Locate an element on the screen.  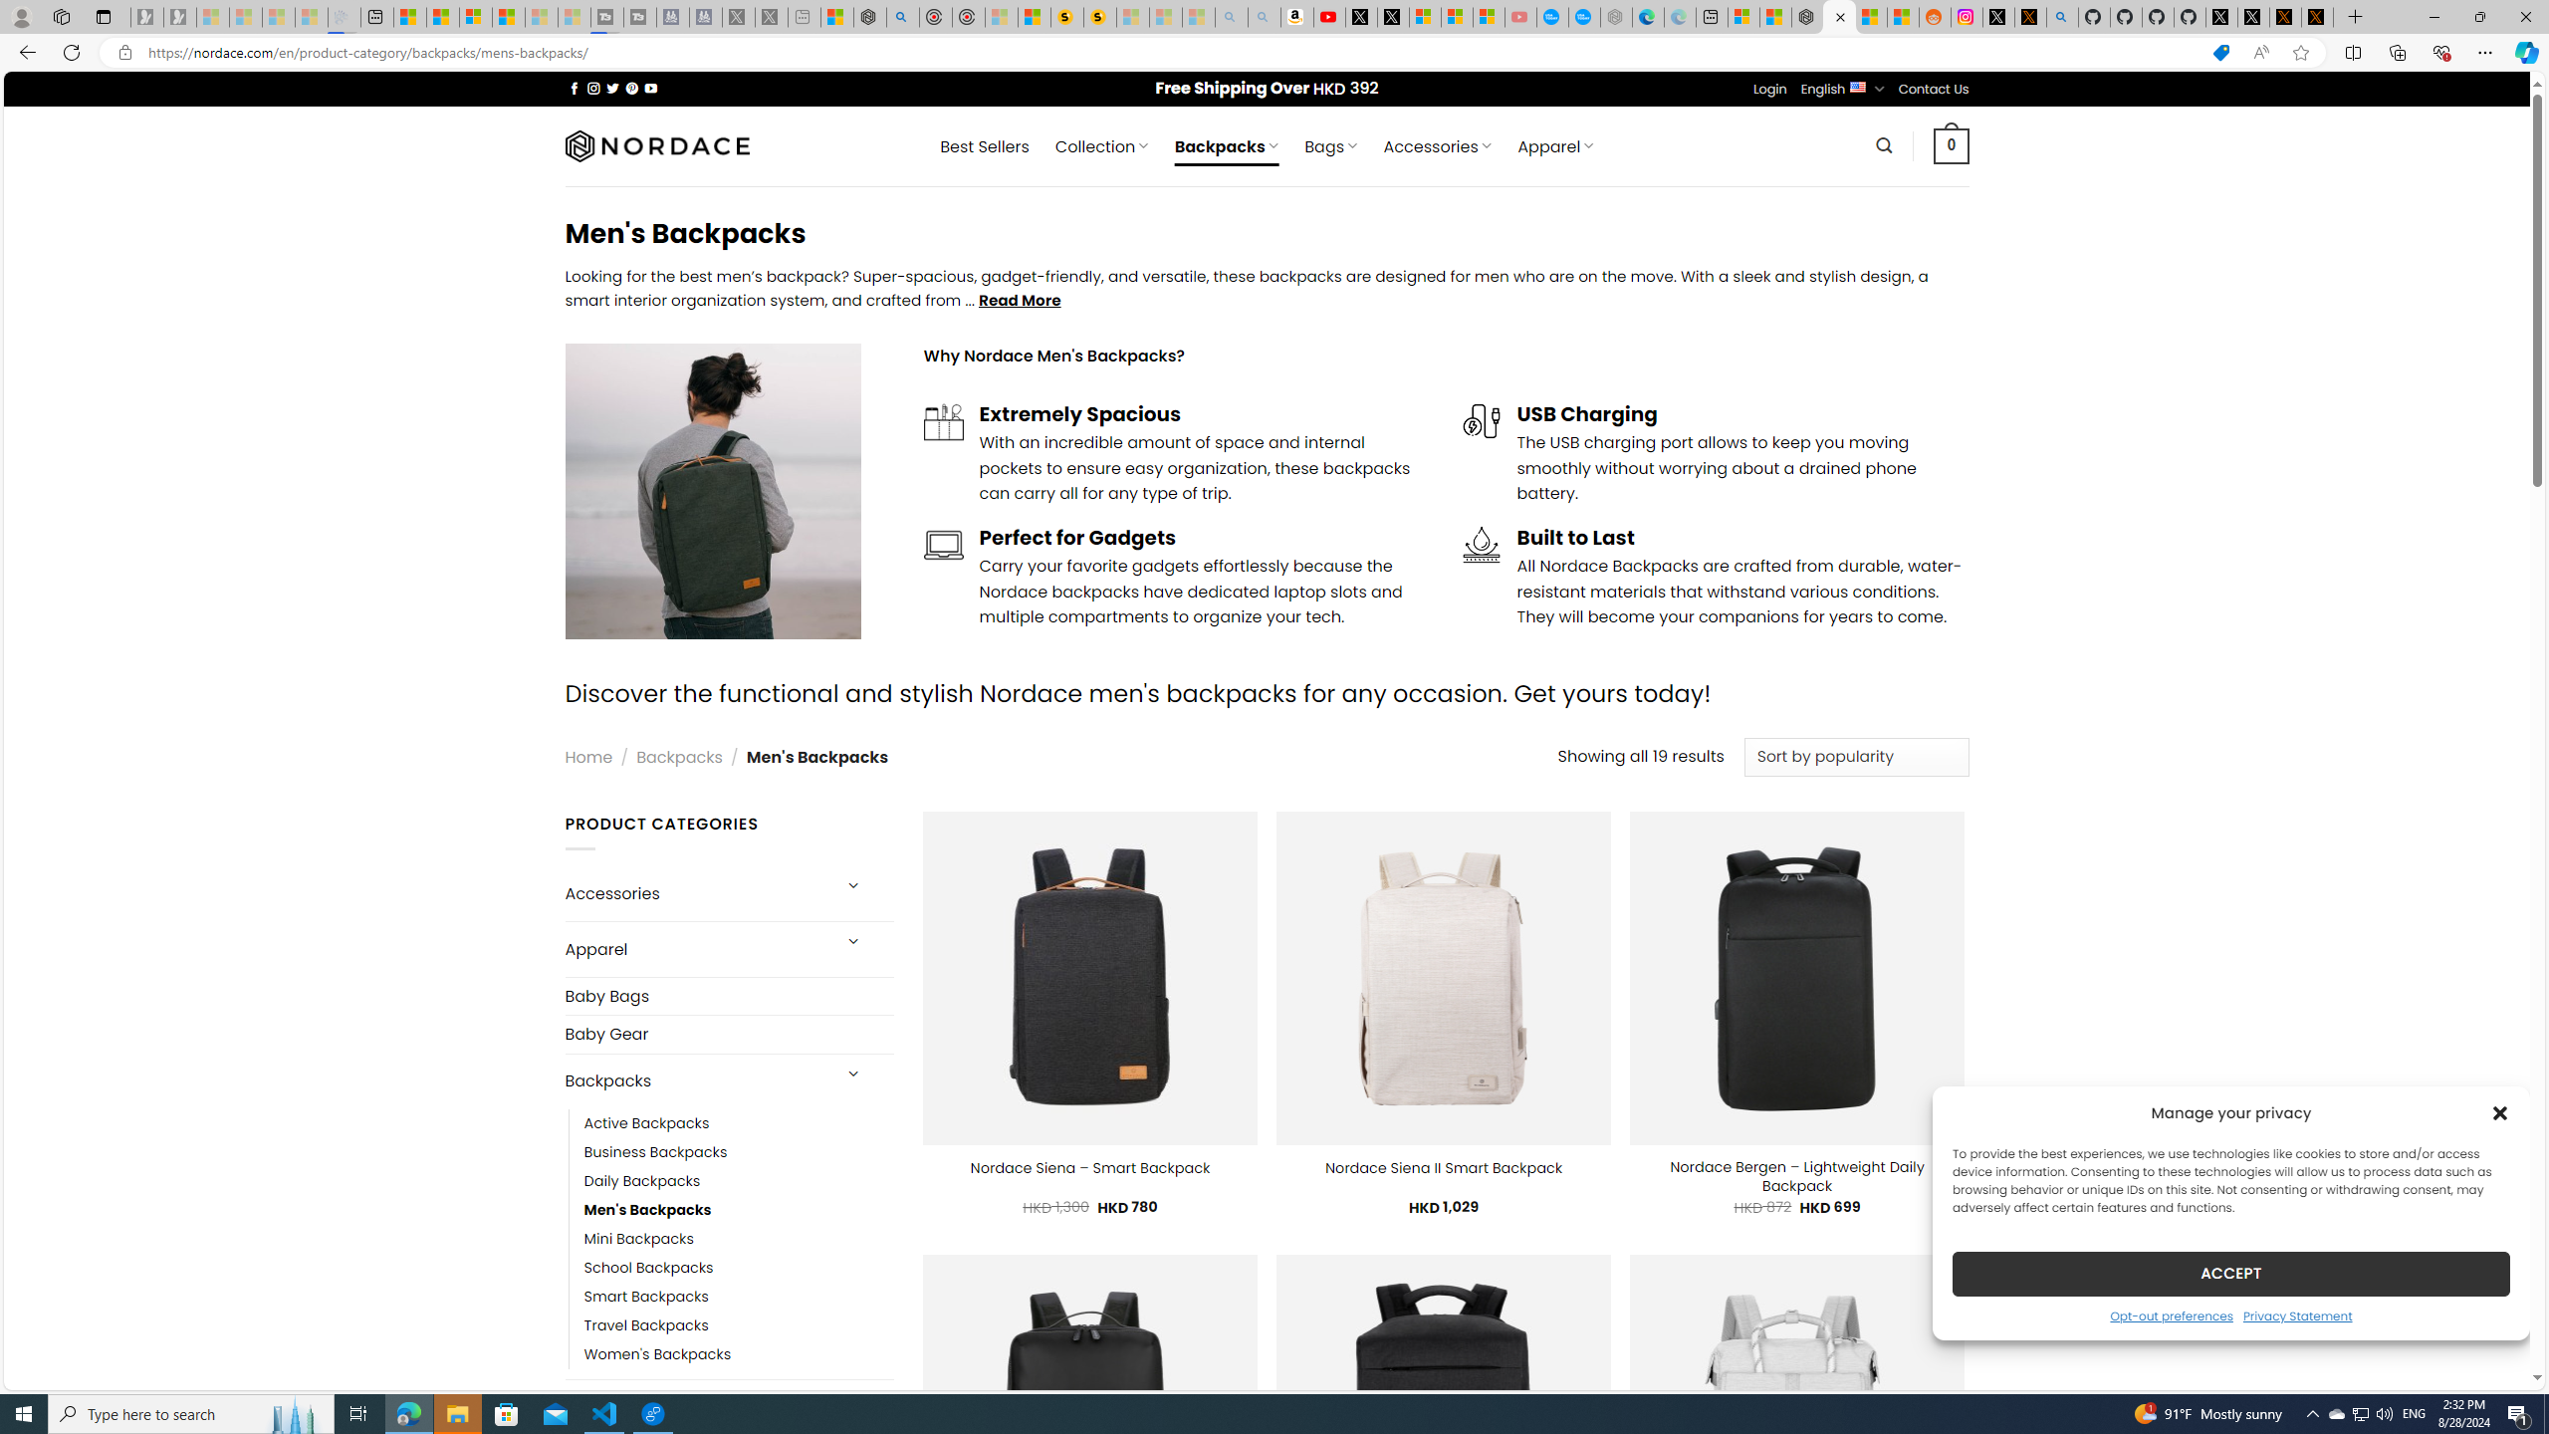
'Follow on Facebook' is located at coordinates (574, 88).